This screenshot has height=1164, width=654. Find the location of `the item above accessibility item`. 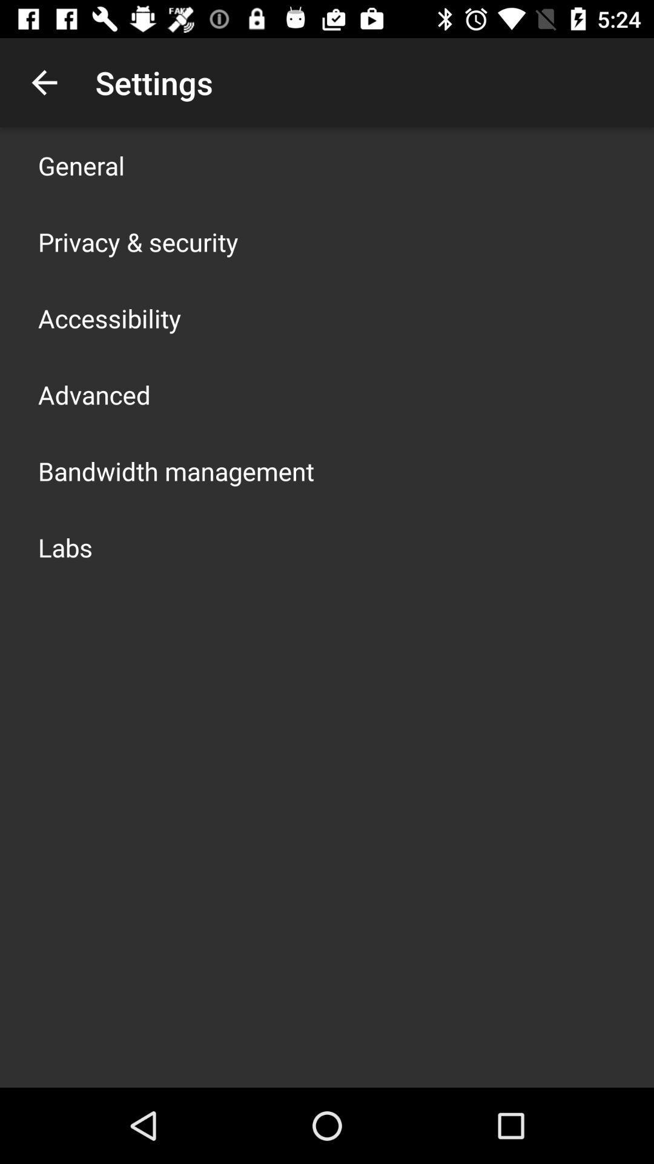

the item above accessibility item is located at coordinates (137, 241).